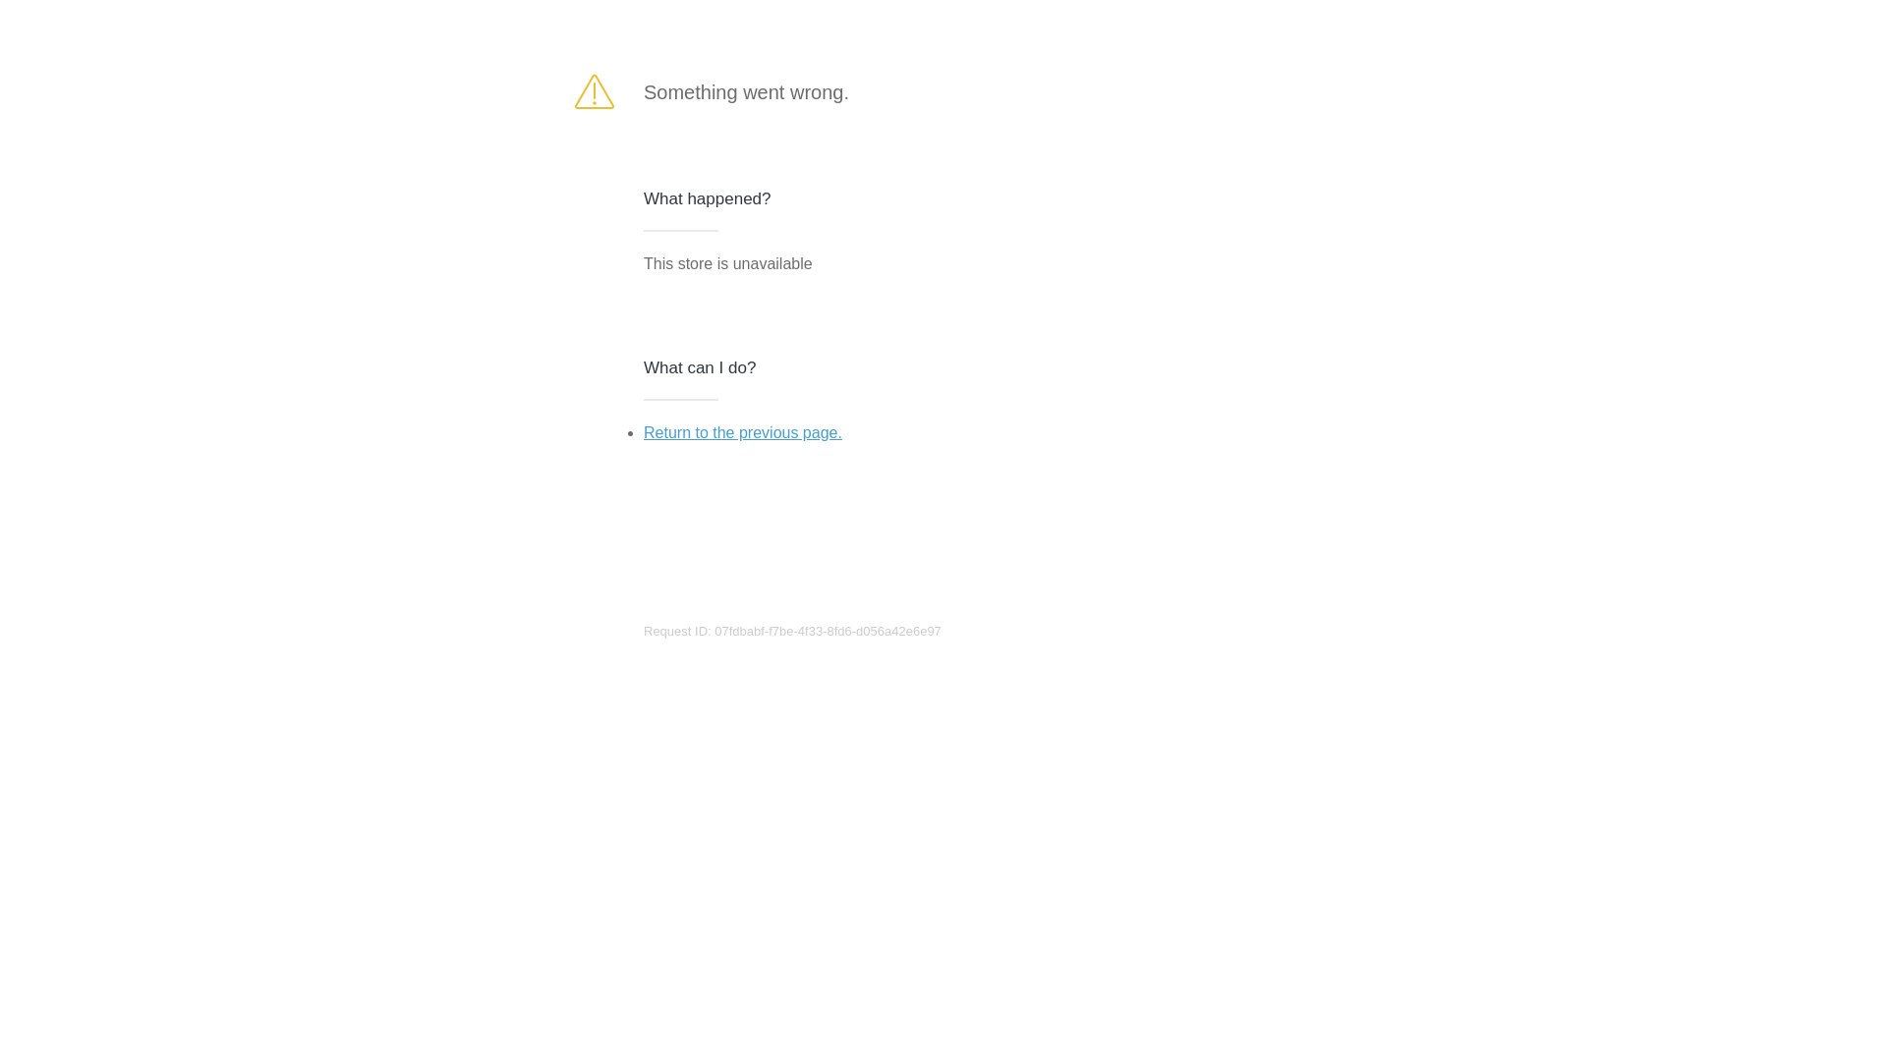 The width and height of the screenshot is (1887, 1061). What do you see at coordinates (643, 431) in the screenshot?
I see `'Return to the previous page.'` at bounding box center [643, 431].